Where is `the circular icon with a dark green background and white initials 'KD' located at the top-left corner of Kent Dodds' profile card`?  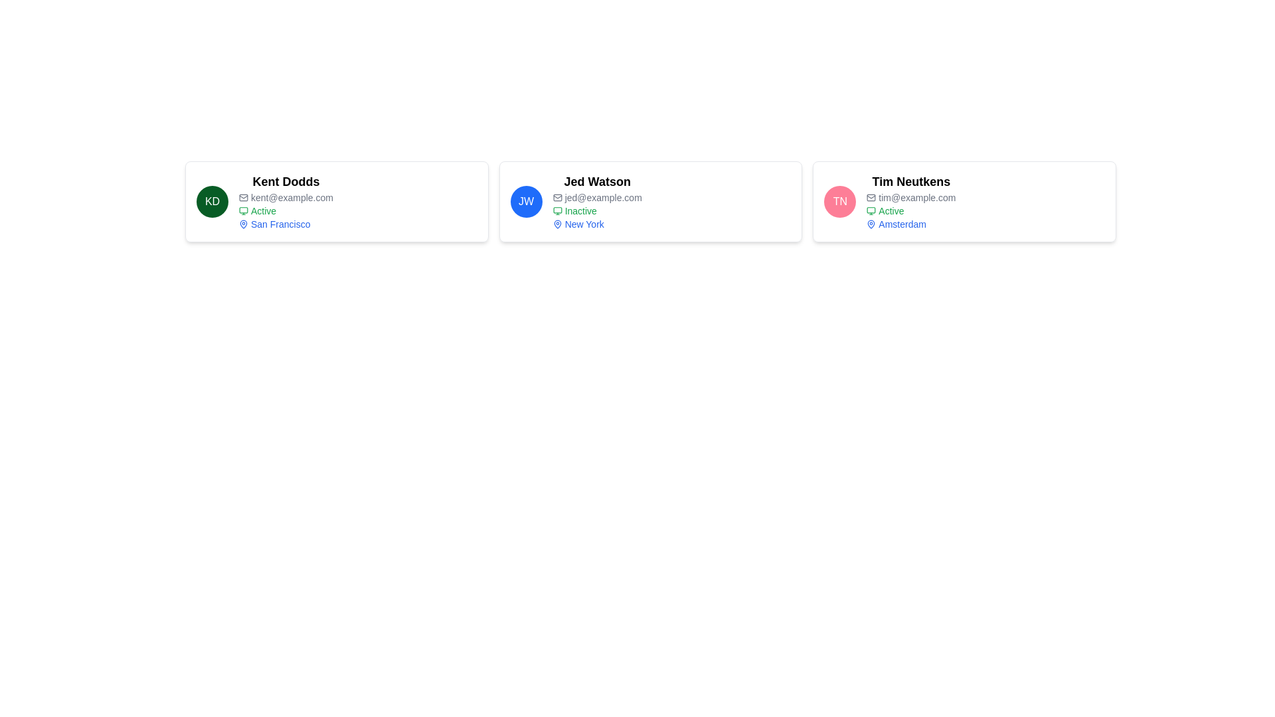
the circular icon with a dark green background and white initials 'KD' located at the top-left corner of Kent Dodds' profile card is located at coordinates (212, 202).